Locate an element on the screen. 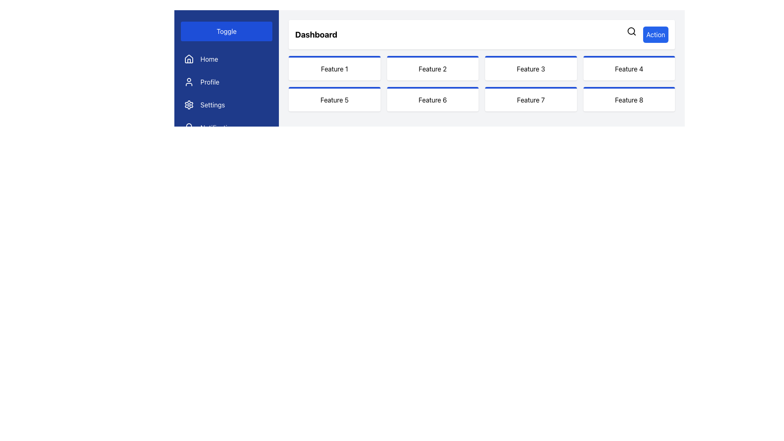  the blue button labeled 'Action' is located at coordinates (647, 34).